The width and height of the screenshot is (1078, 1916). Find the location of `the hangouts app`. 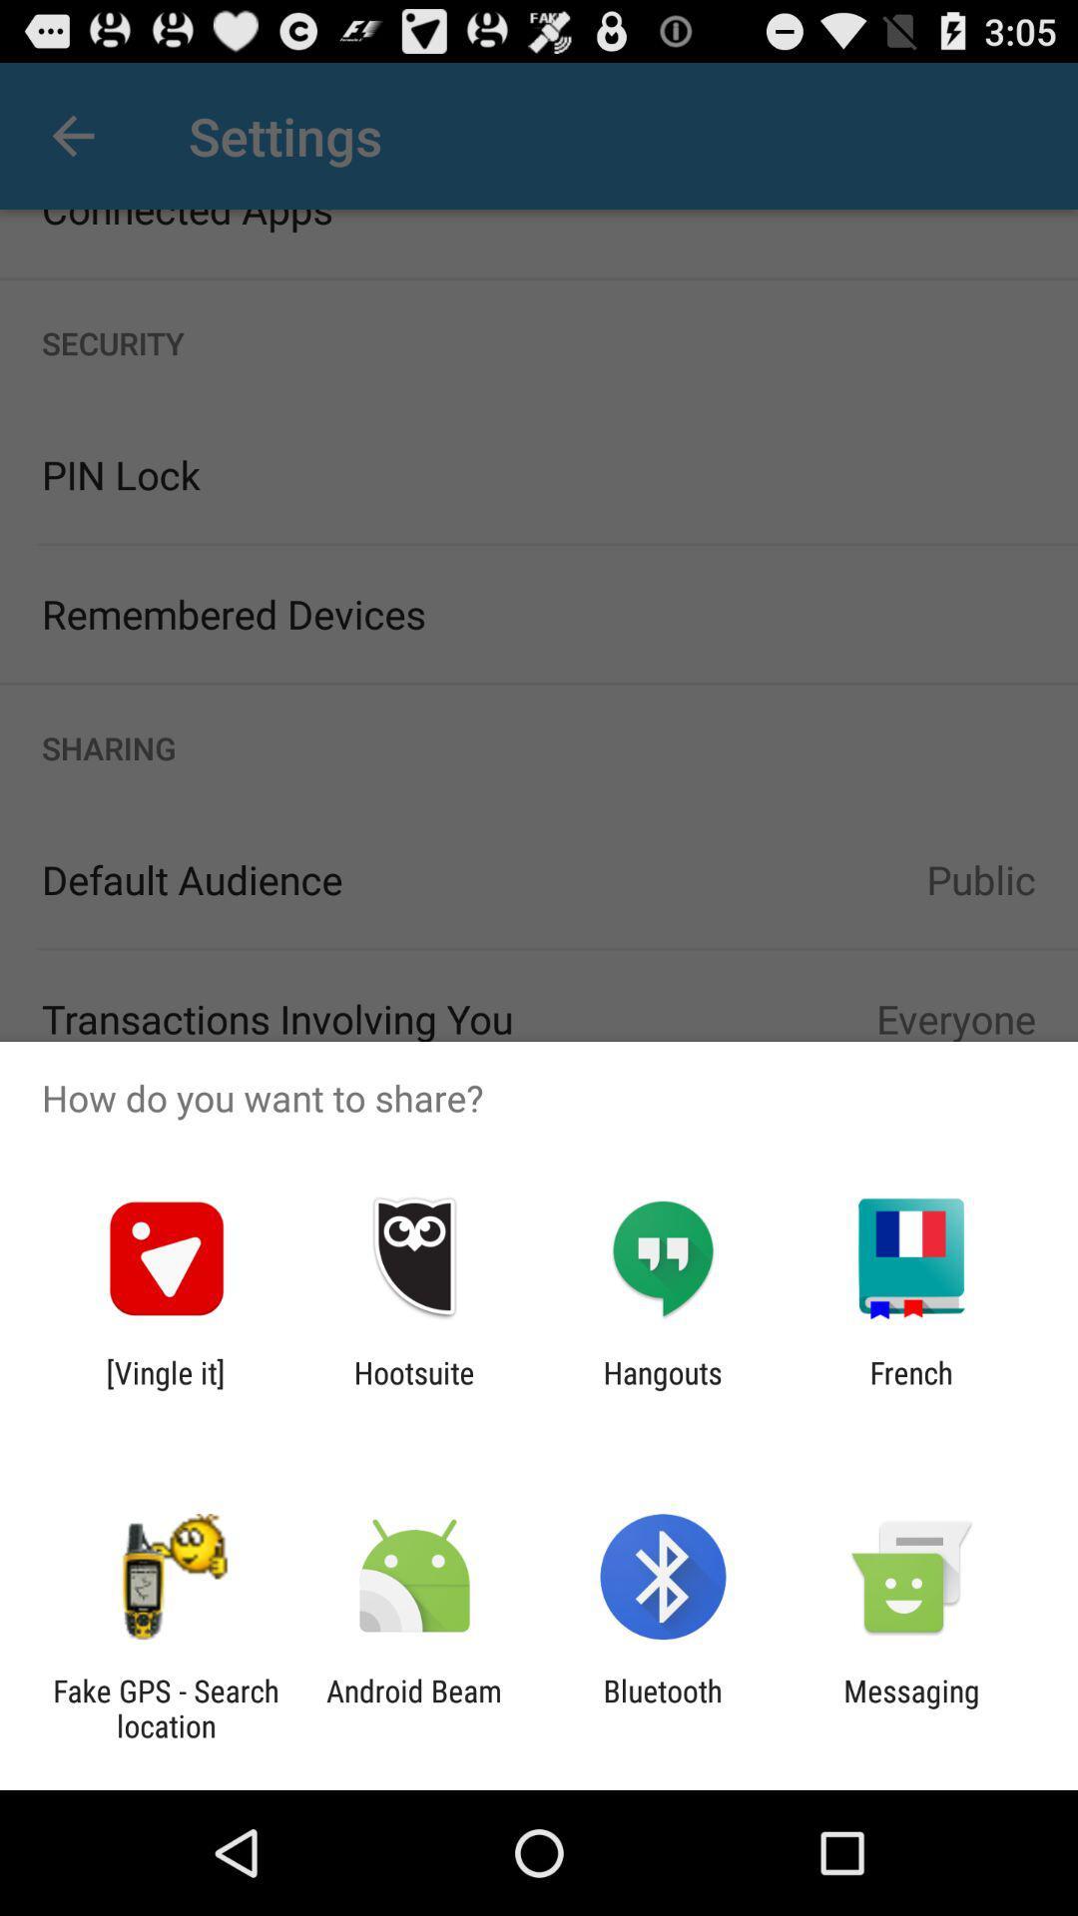

the hangouts app is located at coordinates (663, 1389).